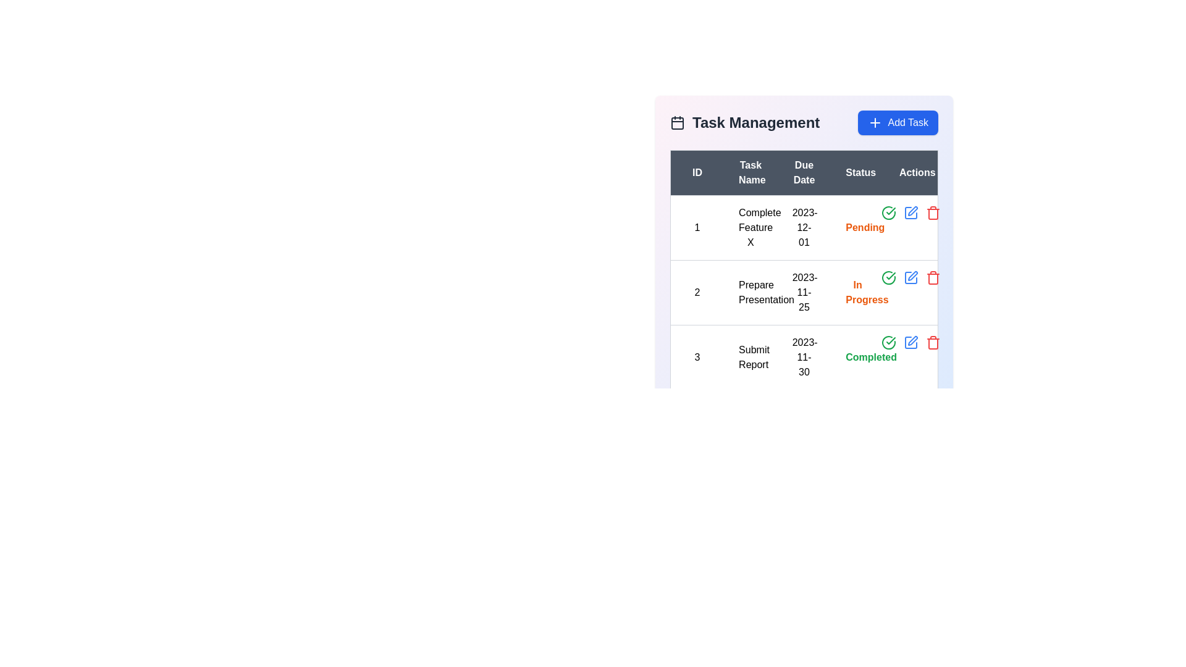 This screenshot has width=1186, height=667. Describe the element at coordinates (866, 292) in the screenshot. I see `the 'In Progress' text label displayed in bold orange font, which serves as a status indicator in the second row of the table for Task ID 2, 'Prepare Presentation'` at that location.